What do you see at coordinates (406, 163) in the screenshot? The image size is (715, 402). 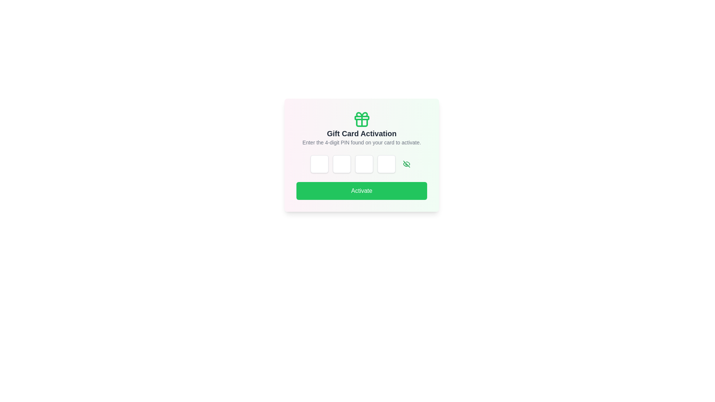 I see `the visibility toggle icon located to the right of the last PIN input field` at bounding box center [406, 163].